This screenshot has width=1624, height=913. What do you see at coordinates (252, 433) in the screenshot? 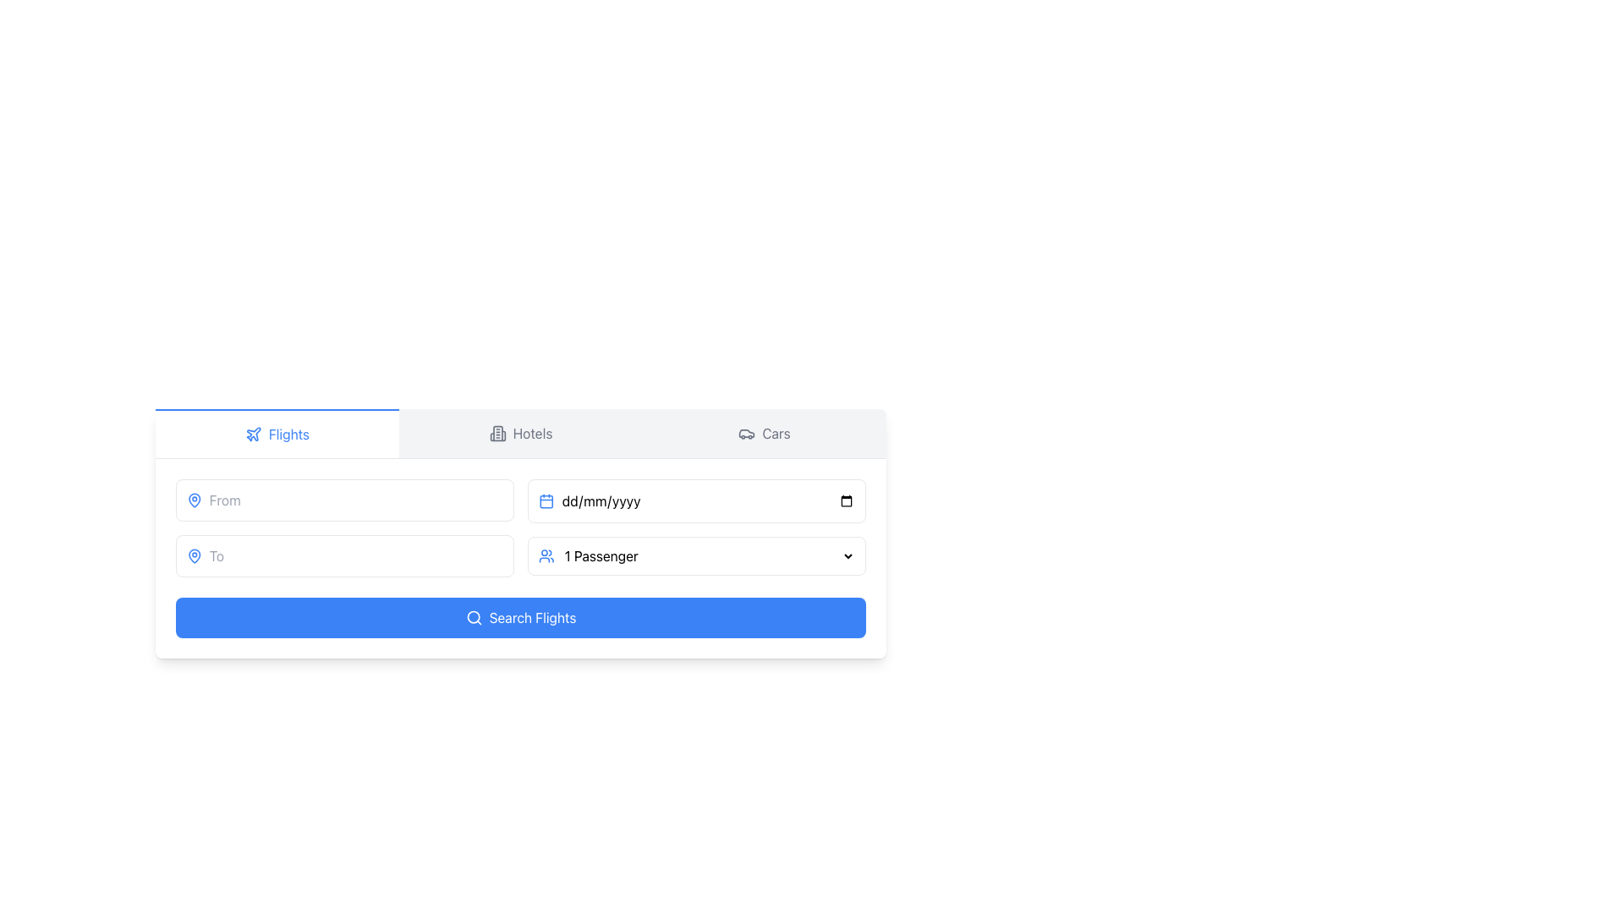
I see `the airplane icon in the Flights tab header` at bounding box center [252, 433].